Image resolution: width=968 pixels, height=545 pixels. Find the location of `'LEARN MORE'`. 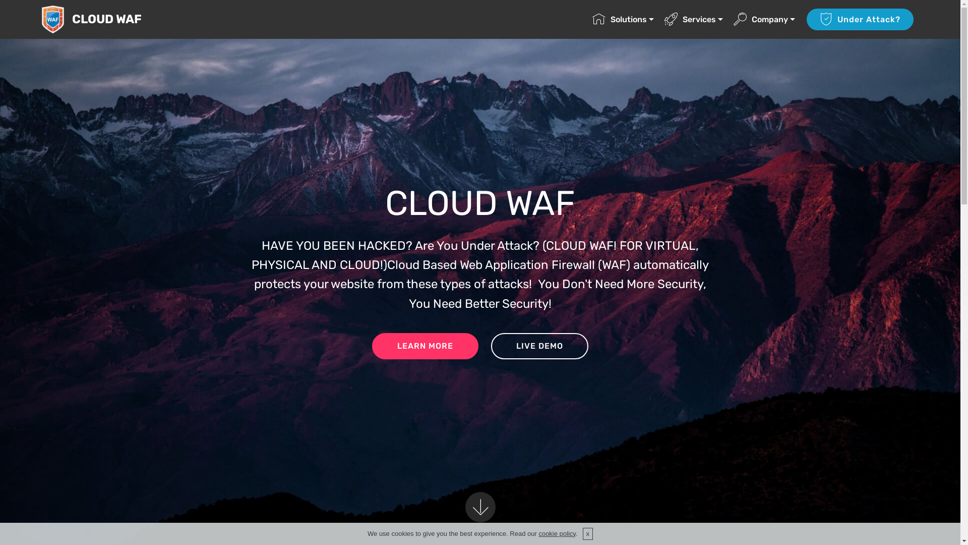

'LEARN MORE' is located at coordinates (425, 346).